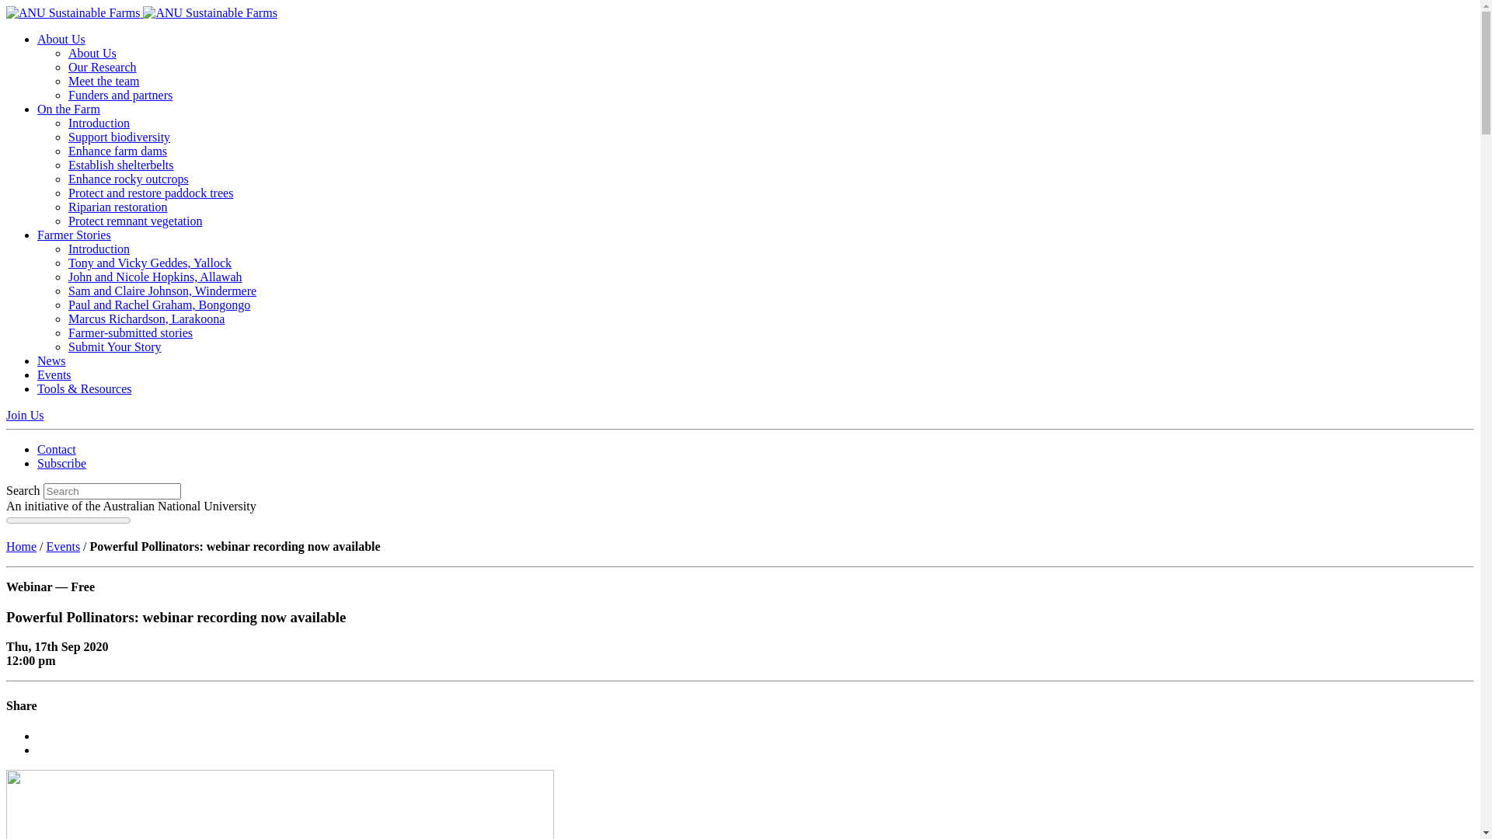 This screenshot has width=1492, height=839. What do you see at coordinates (73, 235) in the screenshot?
I see `'Farmer Stories'` at bounding box center [73, 235].